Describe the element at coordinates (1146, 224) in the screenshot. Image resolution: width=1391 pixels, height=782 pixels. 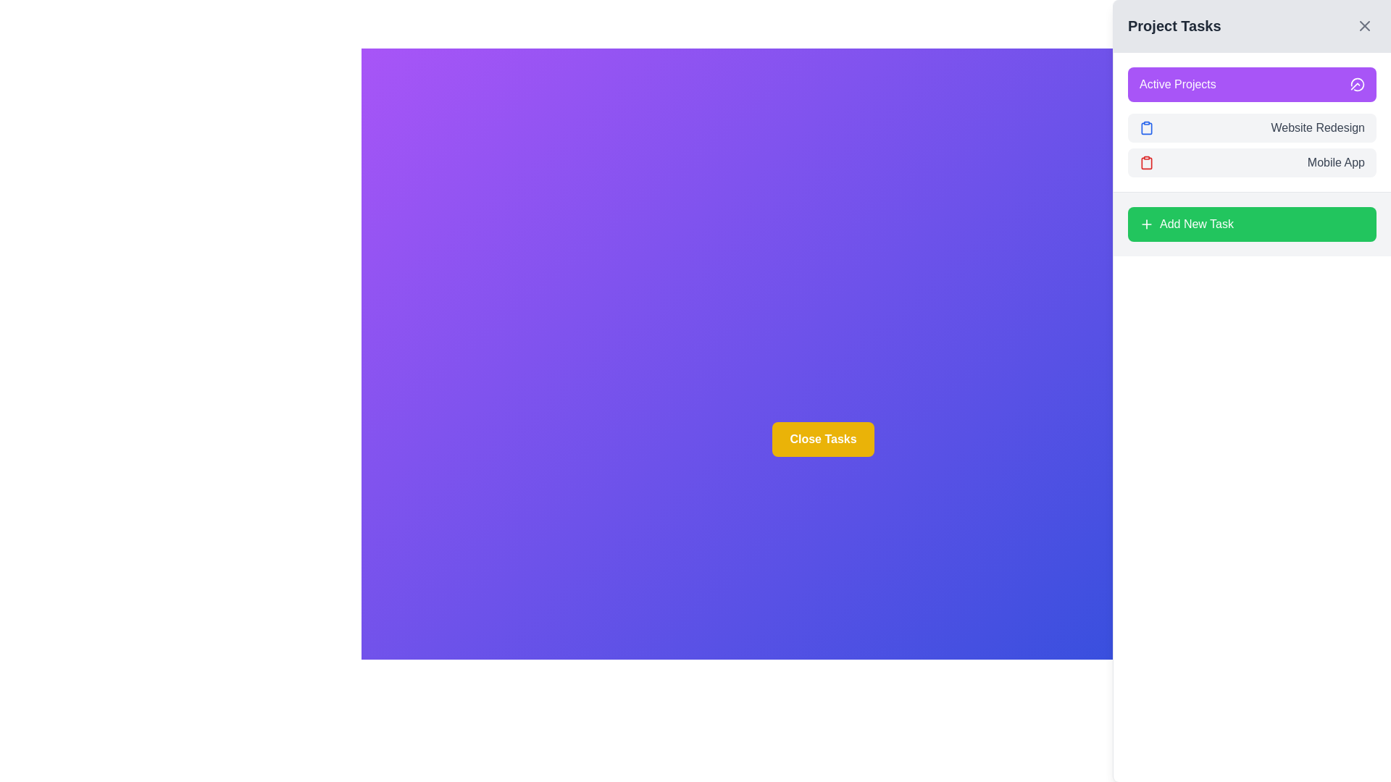
I see `the 'Add New Task' button, which contains the leftmost SVG icon representing the 'Add' action` at that location.